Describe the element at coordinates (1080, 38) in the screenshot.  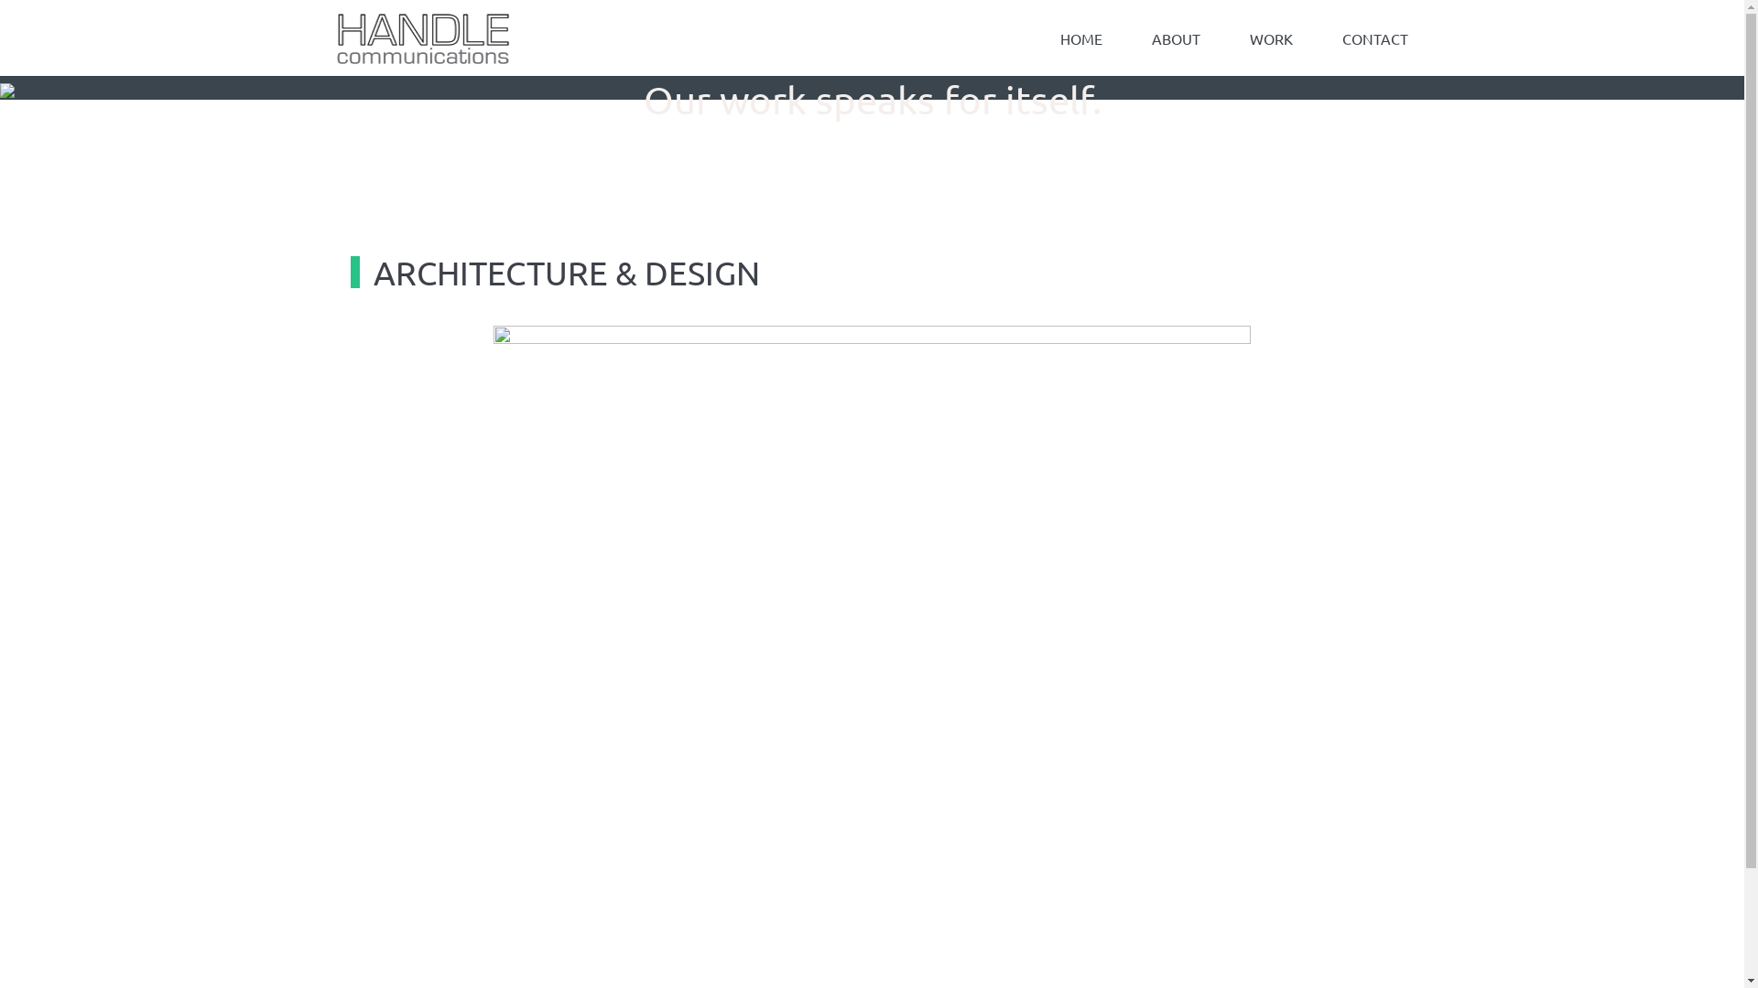
I see `'HOME'` at that location.